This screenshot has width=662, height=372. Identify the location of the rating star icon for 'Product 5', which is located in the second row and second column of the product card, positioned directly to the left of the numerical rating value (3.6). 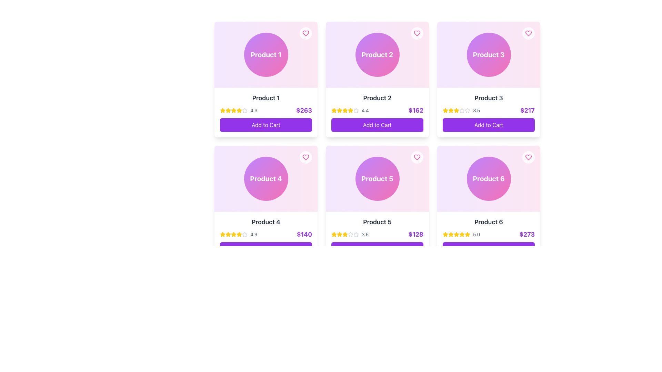
(356, 234).